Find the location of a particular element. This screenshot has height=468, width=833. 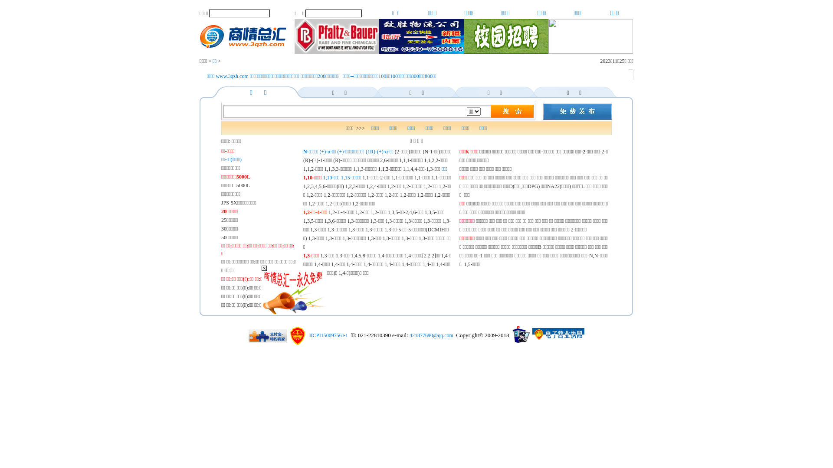

'421877690@qq.com' is located at coordinates (409, 335).